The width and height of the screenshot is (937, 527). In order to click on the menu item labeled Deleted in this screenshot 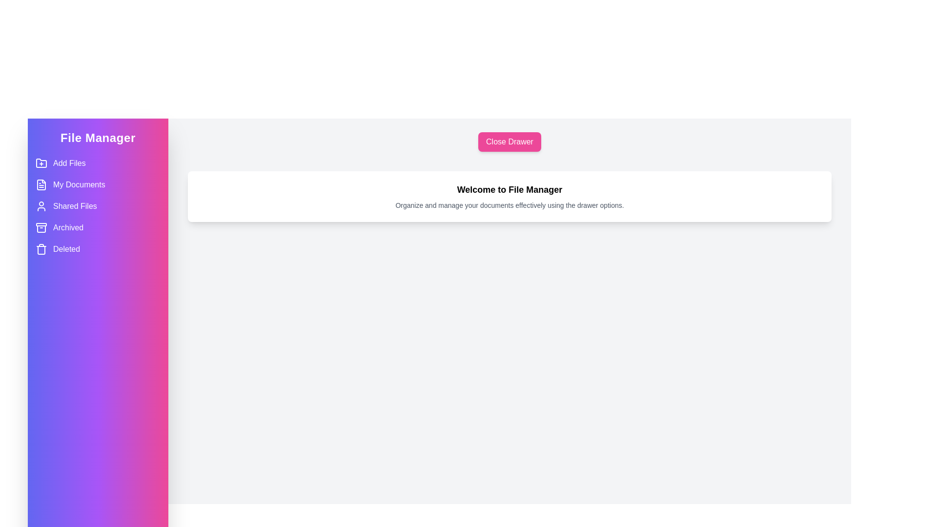, I will do `click(98, 248)`.